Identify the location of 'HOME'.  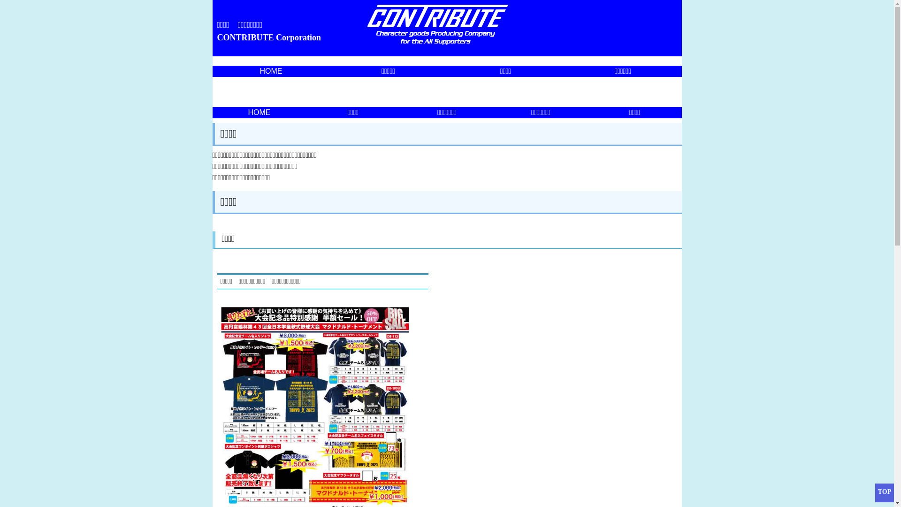
(259, 112).